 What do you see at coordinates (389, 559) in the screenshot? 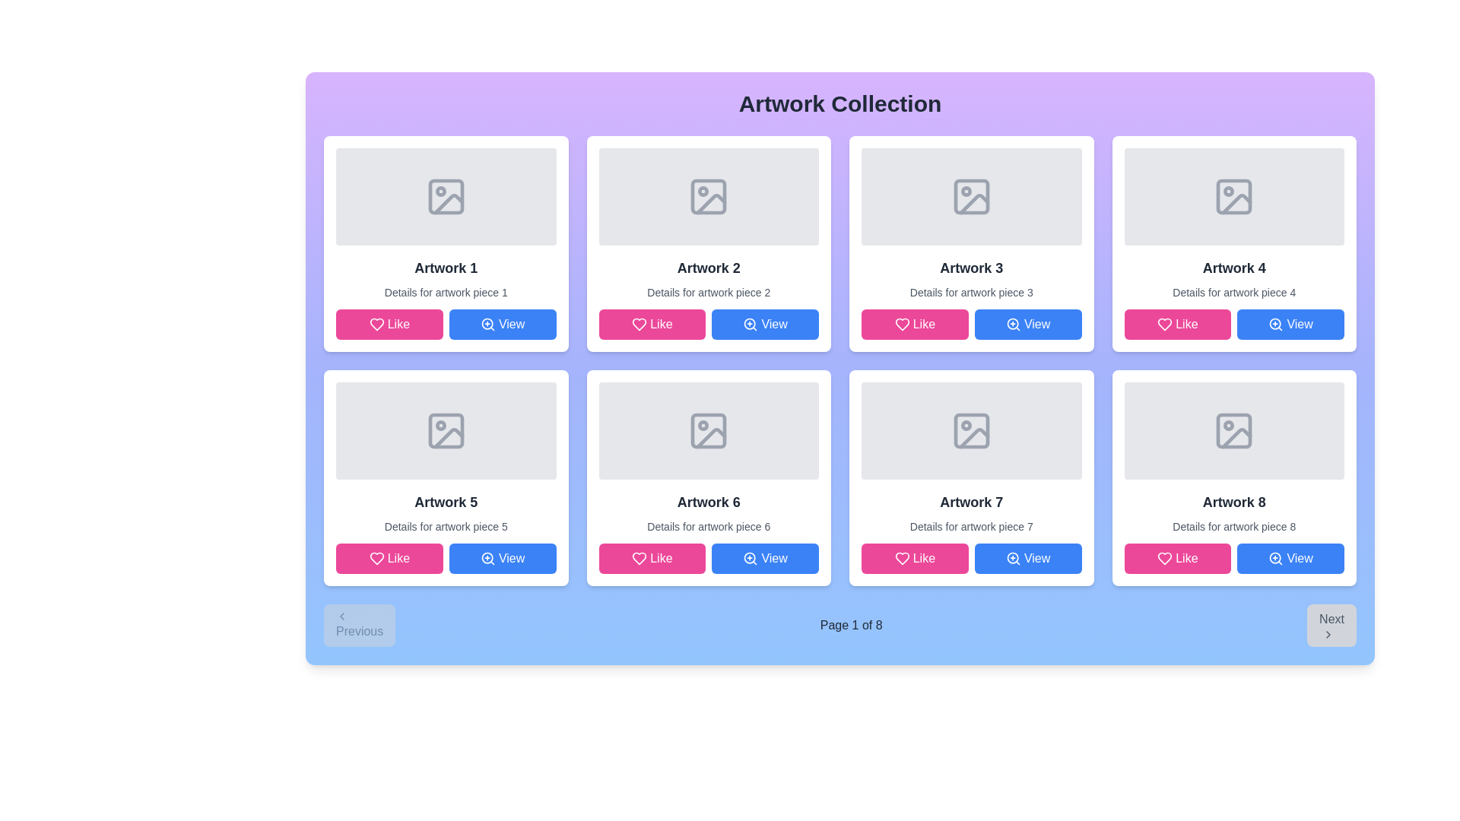
I see `the 'Like' button with a pink background and white text, located below 'Artwork 5' in the second row of the grid layout` at bounding box center [389, 559].